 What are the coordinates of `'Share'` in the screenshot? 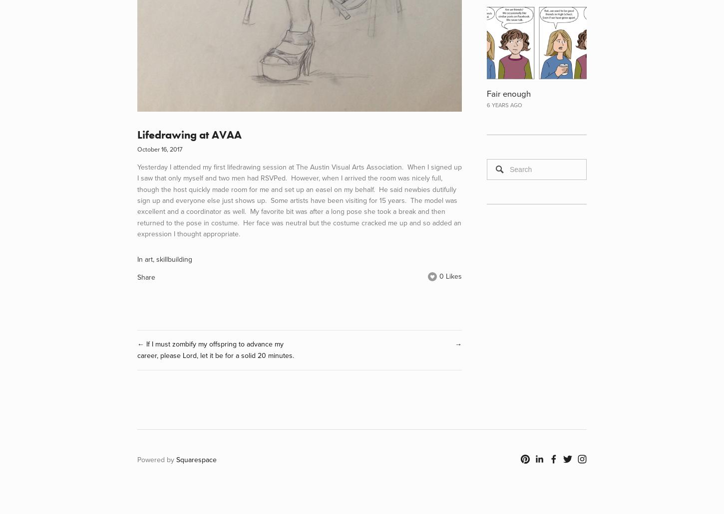 It's located at (146, 277).